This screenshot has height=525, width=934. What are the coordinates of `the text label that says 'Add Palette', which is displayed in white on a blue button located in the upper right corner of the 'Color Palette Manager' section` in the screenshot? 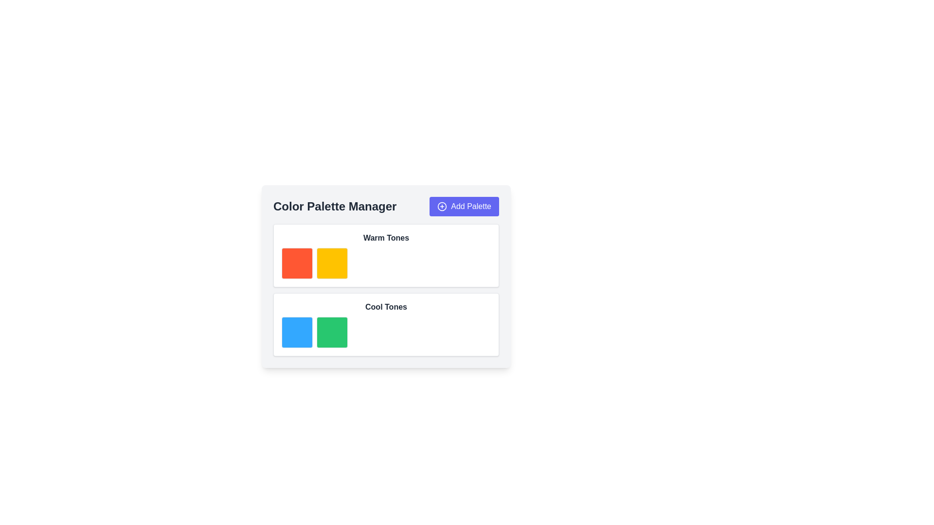 It's located at (471, 206).